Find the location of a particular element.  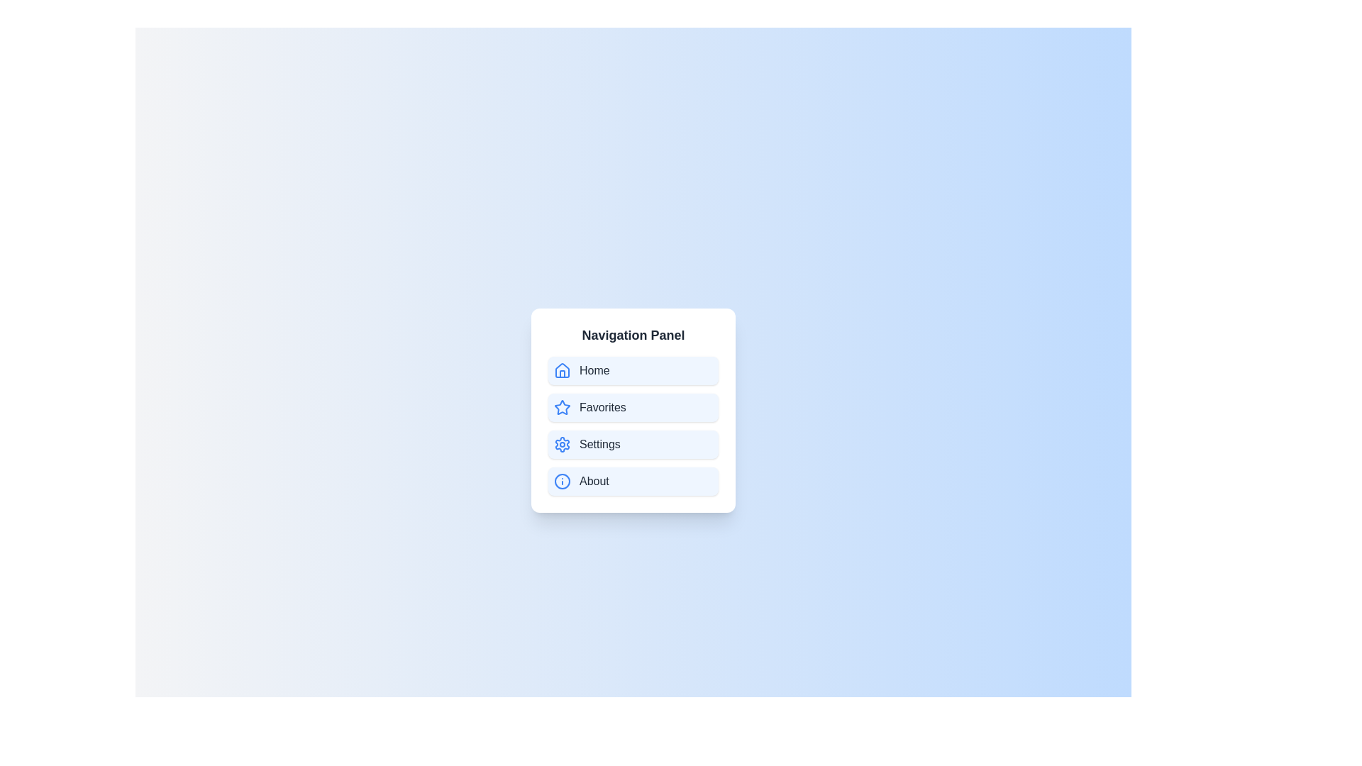

properties of the SVG house icon located in the vertical navigation menu, positioned to the left of the 'Home' label is located at coordinates (561, 369).